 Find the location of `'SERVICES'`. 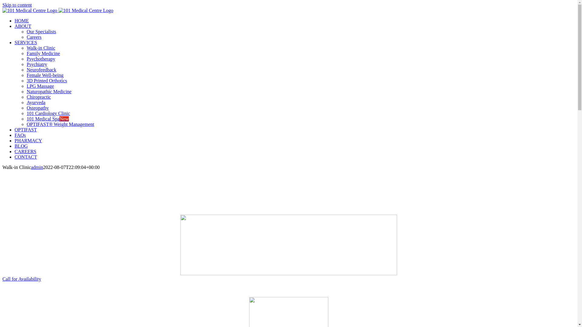

'SERVICES' is located at coordinates (25, 42).